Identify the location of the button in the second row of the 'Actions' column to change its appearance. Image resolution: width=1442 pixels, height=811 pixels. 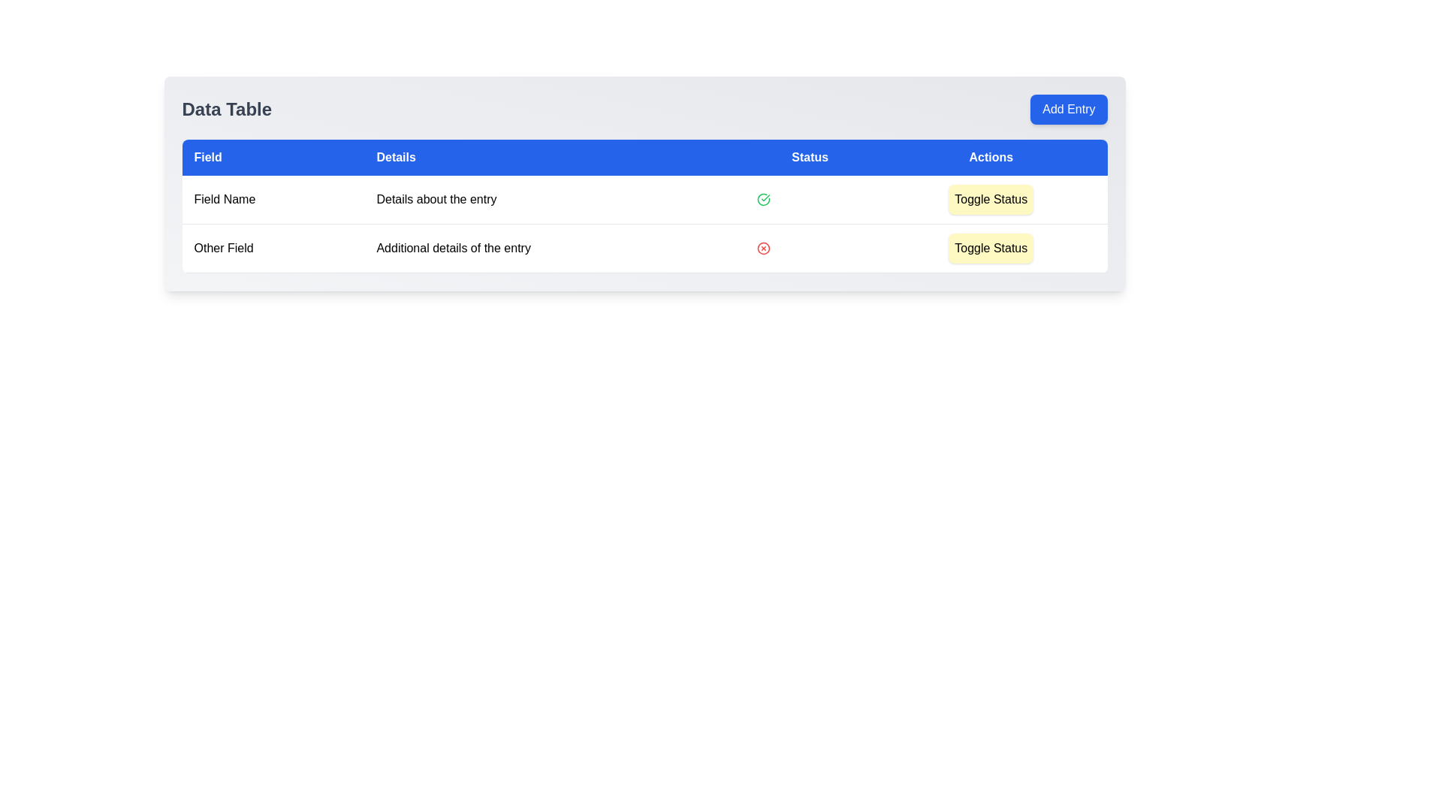
(991, 248).